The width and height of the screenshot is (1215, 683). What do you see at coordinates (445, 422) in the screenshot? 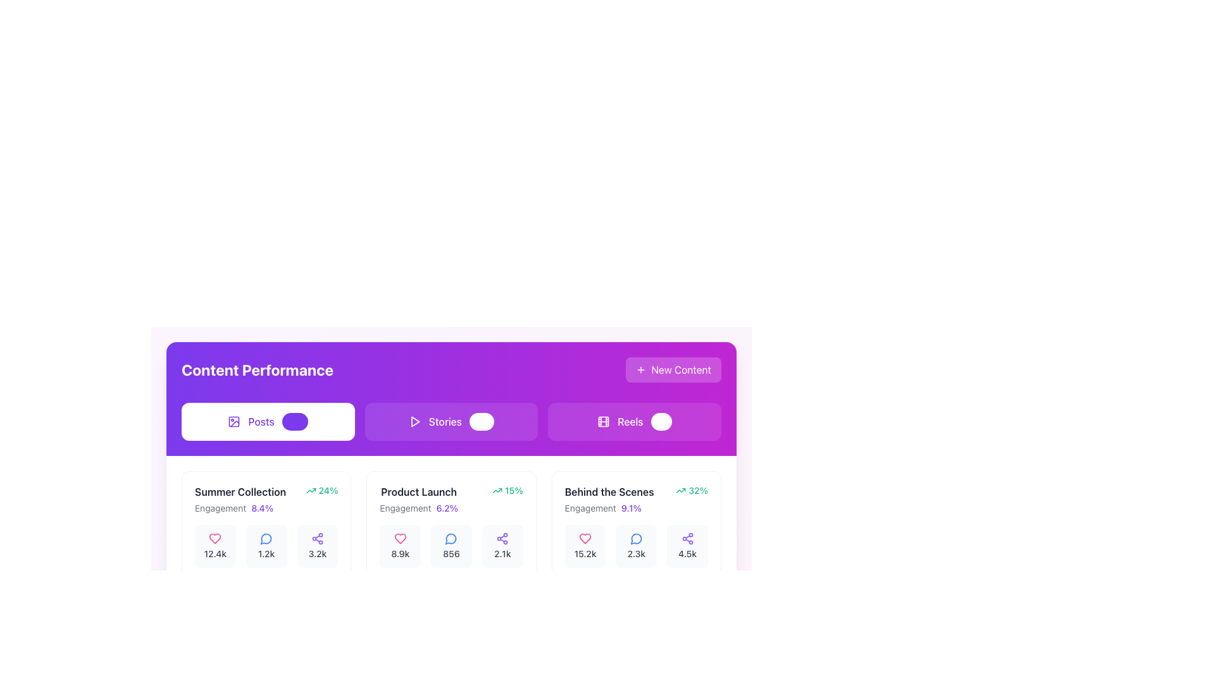
I see `the 'Stories' label within the button that is positioned between the 'Posts' and 'Reels' toggle buttons` at bounding box center [445, 422].